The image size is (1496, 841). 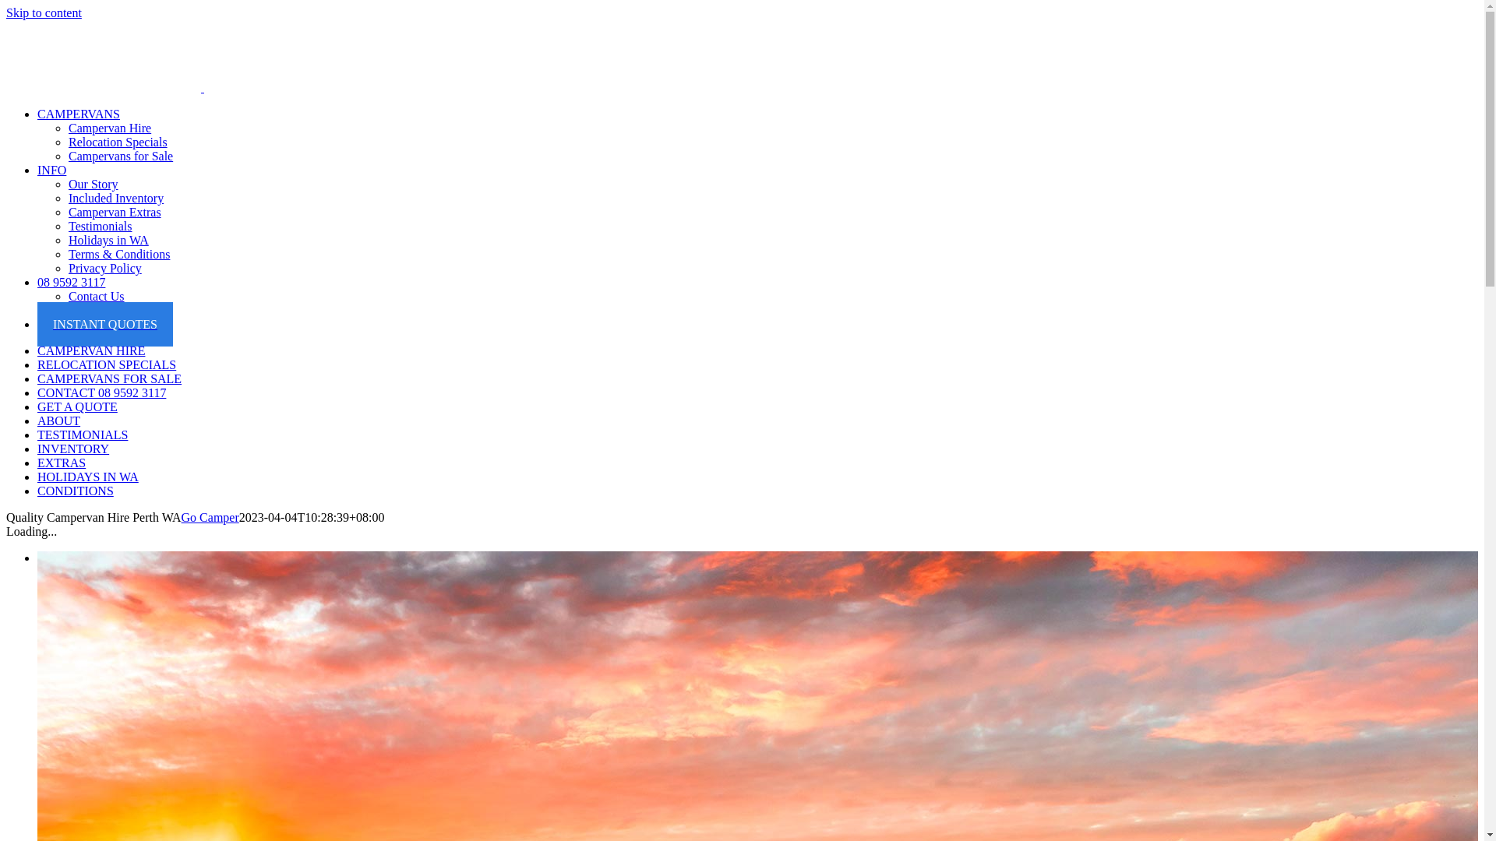 I want to click on 'Go Camper', so click(x=209, y=517).